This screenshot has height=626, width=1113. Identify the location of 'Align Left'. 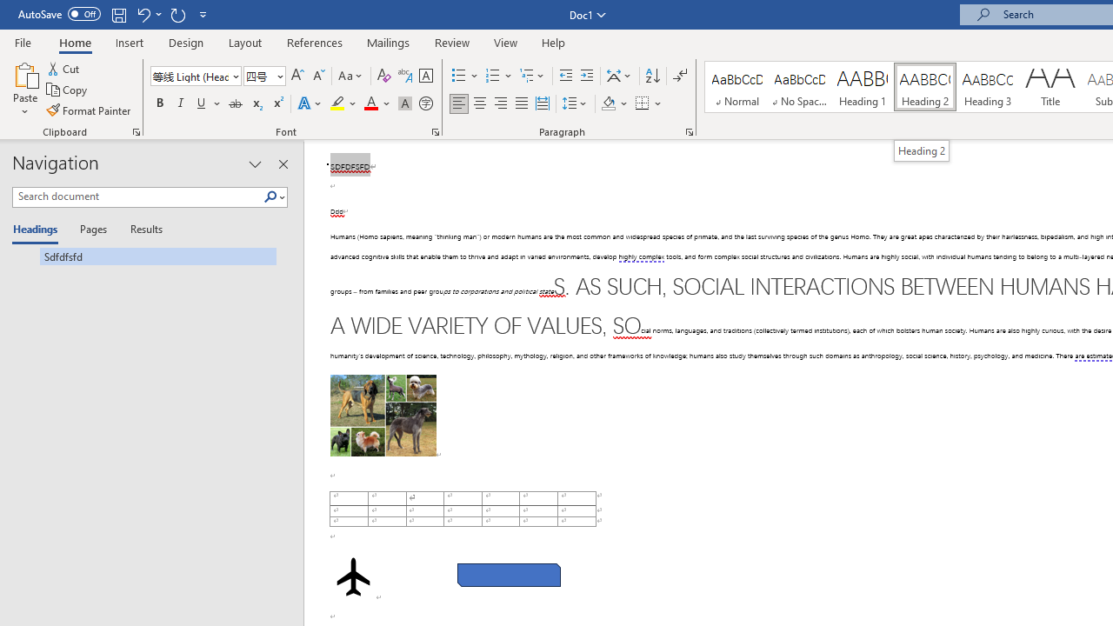
(459, 103).